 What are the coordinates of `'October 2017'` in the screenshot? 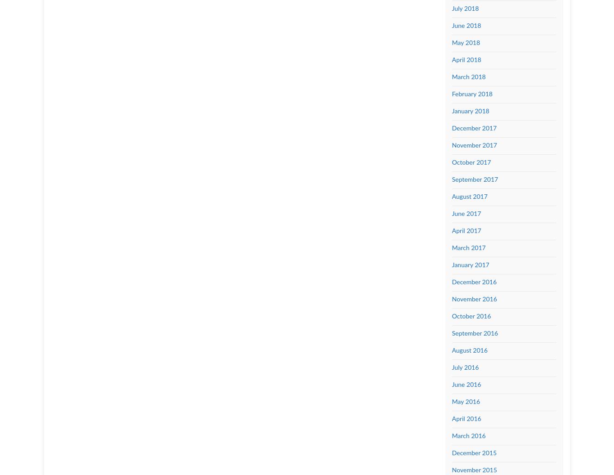 It's located at (471, 162).